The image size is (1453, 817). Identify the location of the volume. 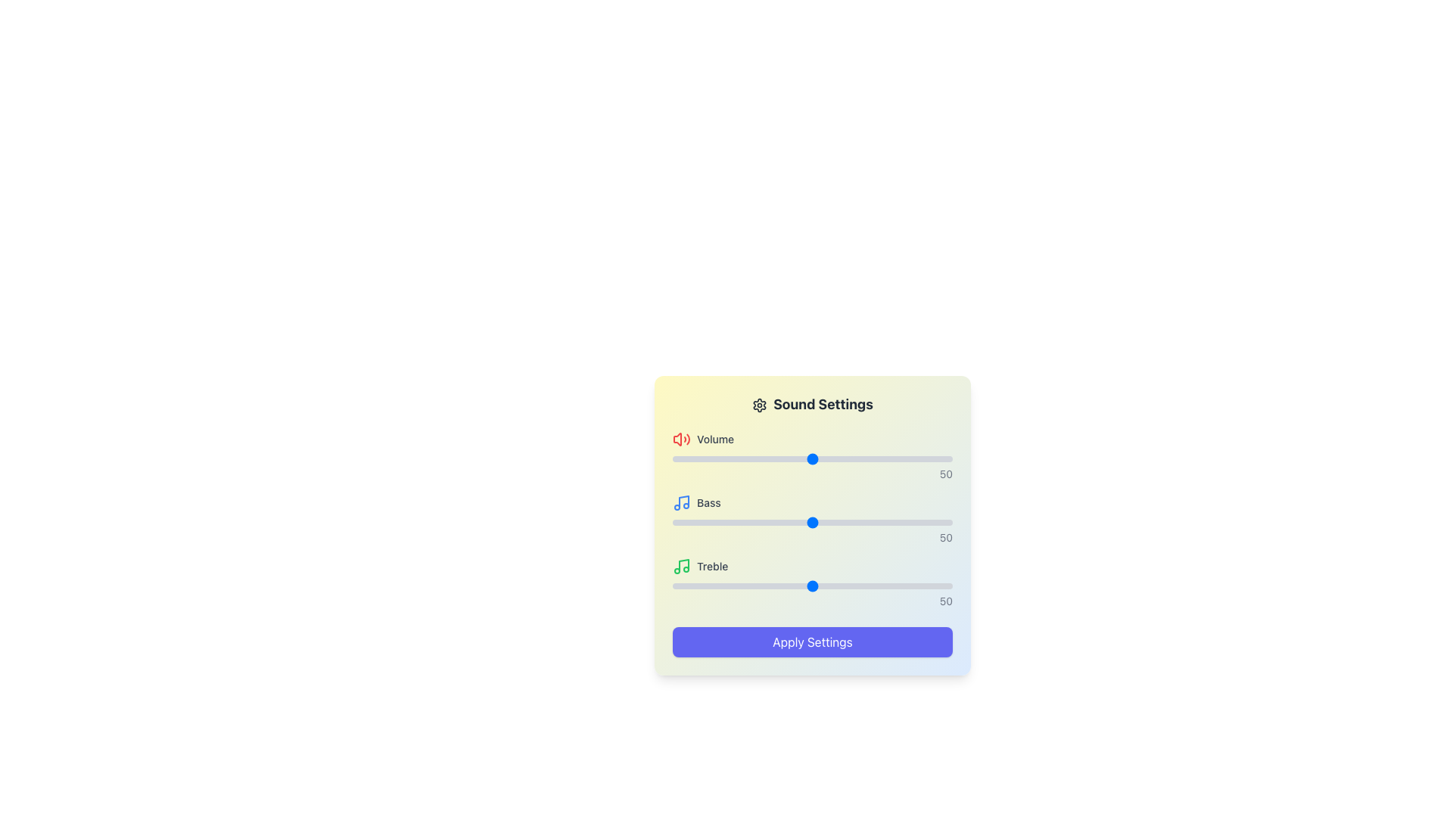
(935, 458).